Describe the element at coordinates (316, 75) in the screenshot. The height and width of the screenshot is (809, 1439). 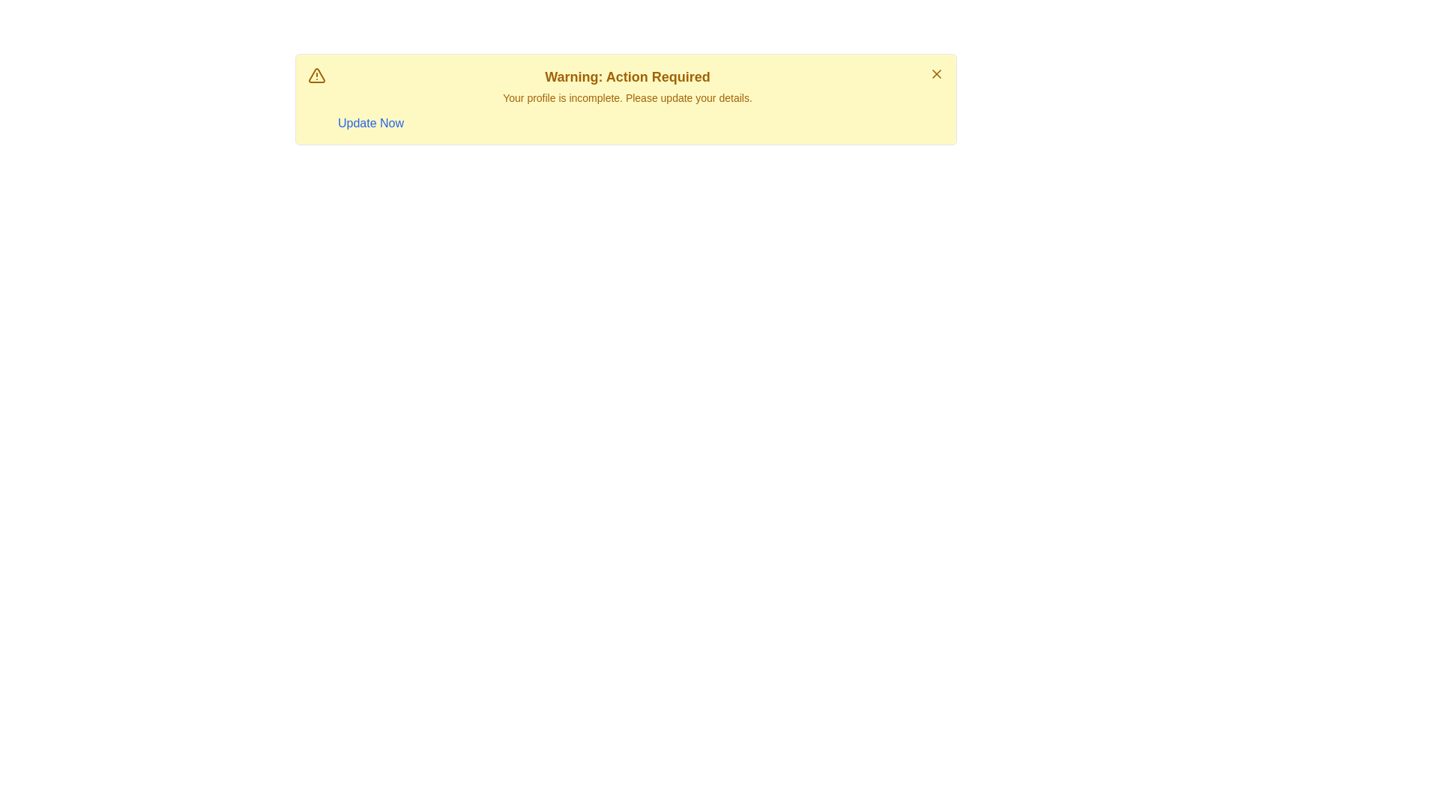
I see `the triangular warning icon with a brown outline and lighter fill, located to the left of the 'Warning: Action Required' text in the notification banner` at that location.